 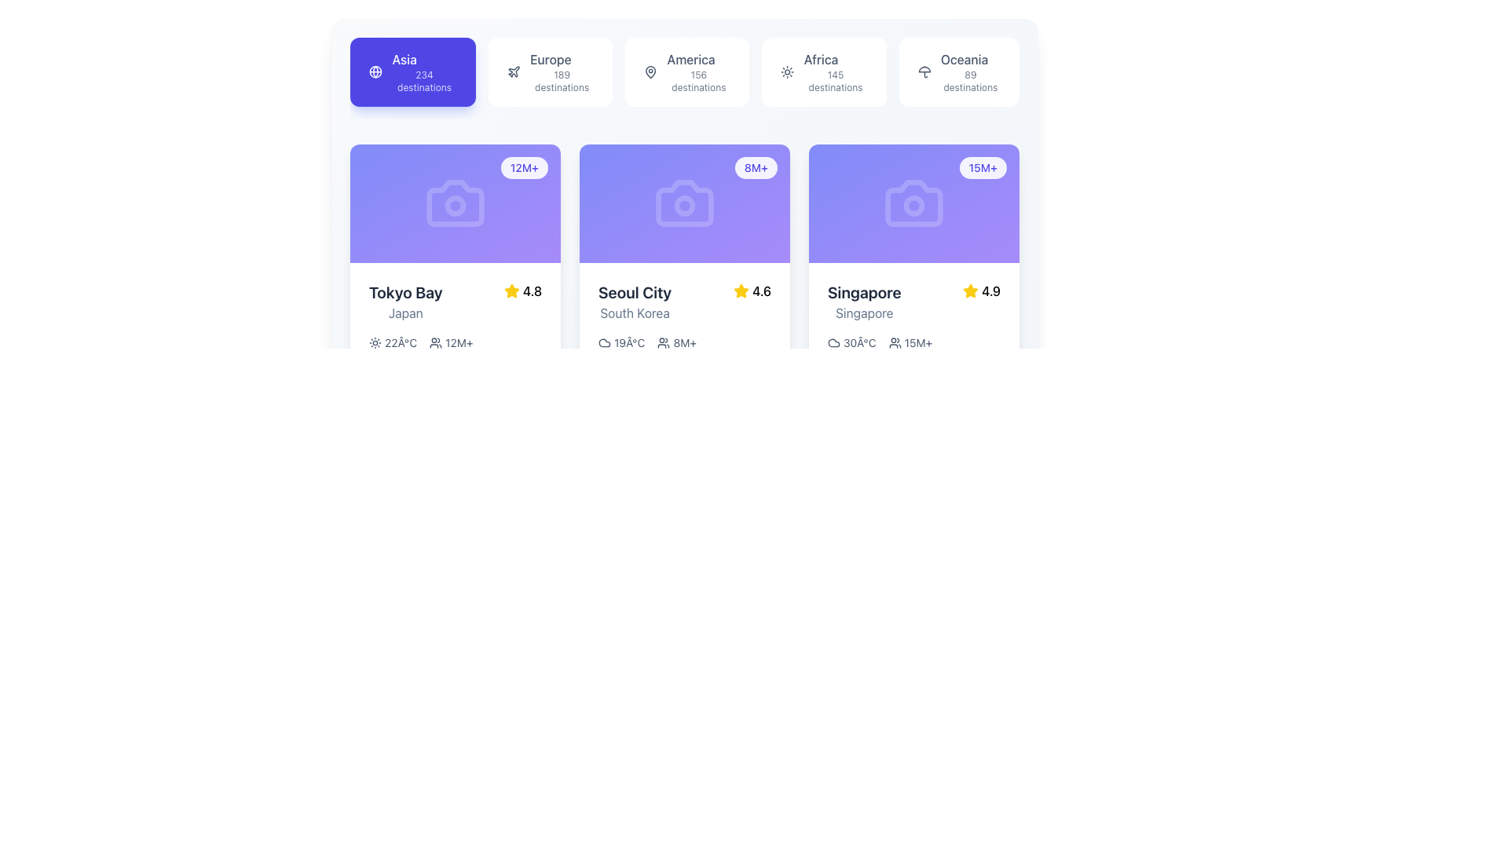 What do you see at coordinates (685, 72) in the screenshot?
I see `the 'America' category card, which is the third item in a horizontally arranged row of navigation cards` at bounding box center [685, 72].